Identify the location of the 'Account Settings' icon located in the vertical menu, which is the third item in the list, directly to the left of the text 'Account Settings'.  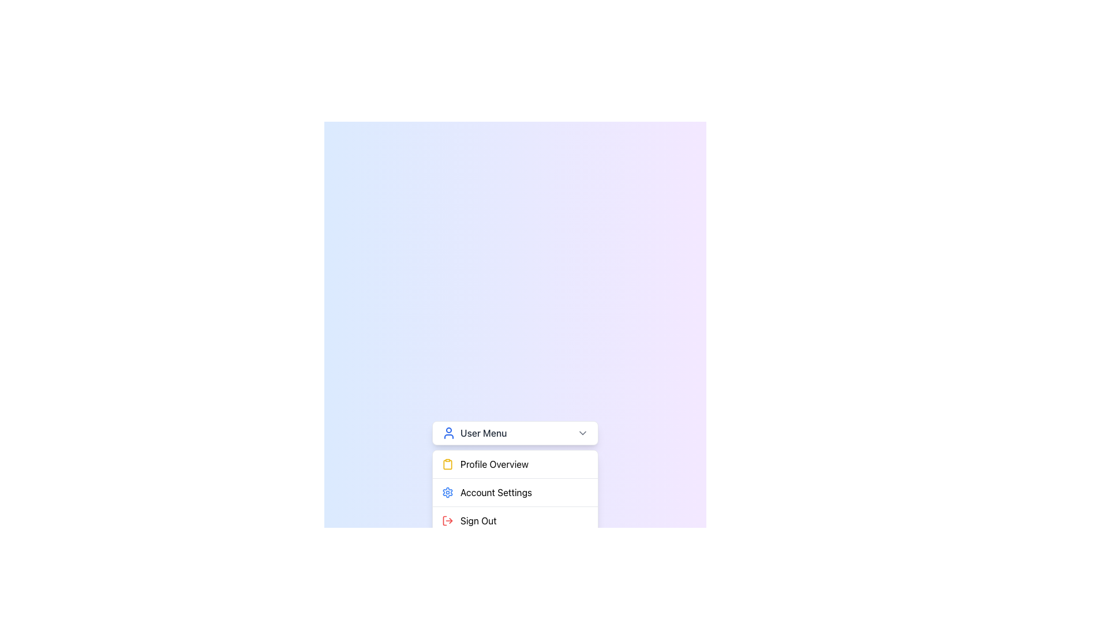
(447, 492).